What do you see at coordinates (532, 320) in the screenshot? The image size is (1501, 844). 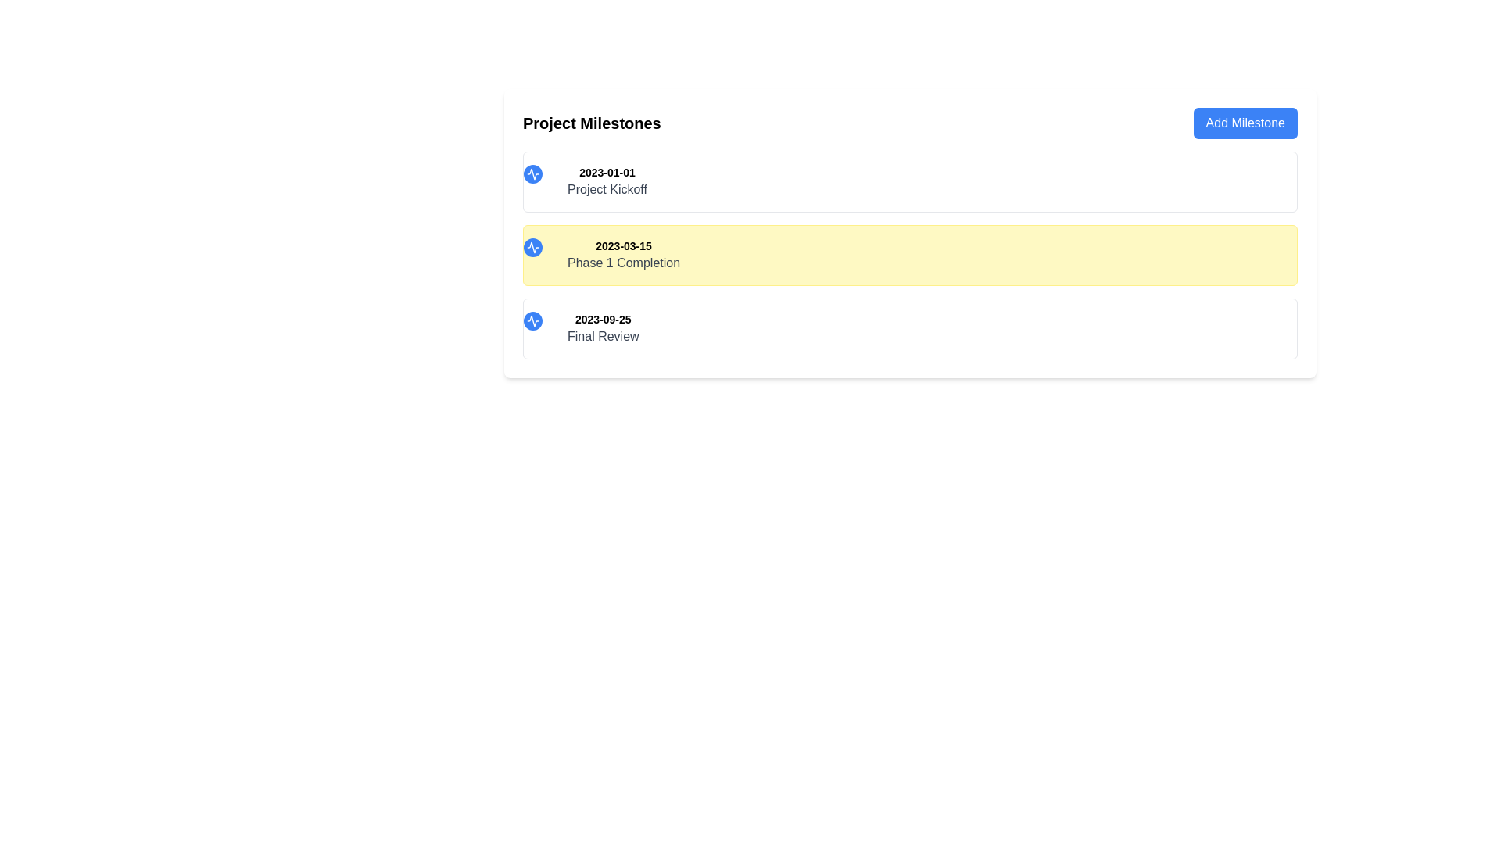 I see `the milestone icon representing the 'Final Review' entry, located to the left of the '2023-09-25' date text` at bounding box center [532, 320].